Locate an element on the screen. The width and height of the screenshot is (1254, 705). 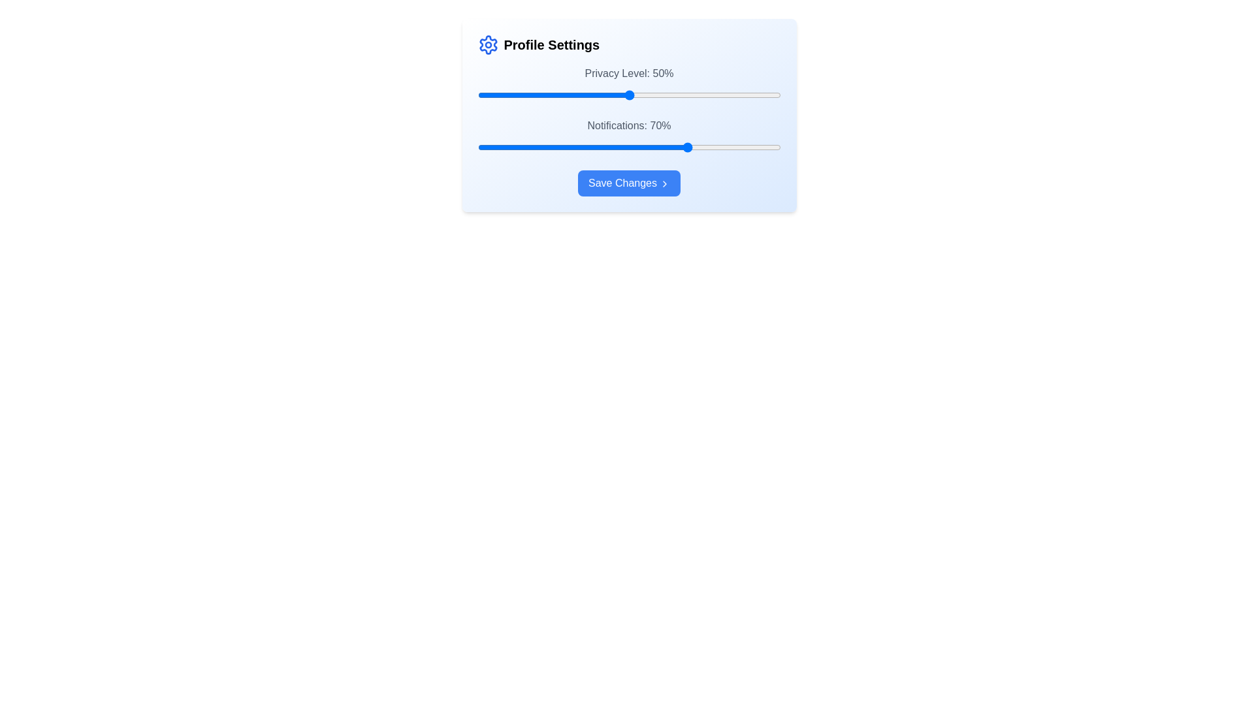
the 'Privacy Level' slider to 46% is located at coordinates (617, 95).